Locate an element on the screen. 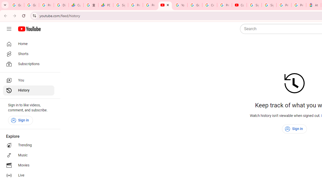 Image resolution: width=322 pixels, height=181 pixels. 'Sign in - Google Accounts' is located at coordinates (254, 5).